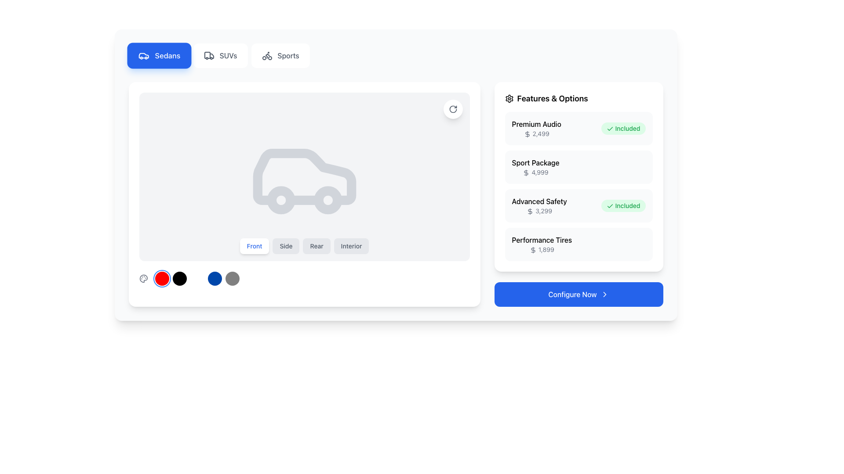 Image resolution: width=844 pixels, height=474 pixels. I want to click on the informational text block displaying 'Advanced Safety' with the price '$3,299' located in the 'Features & Options' section, so click(539, 206).